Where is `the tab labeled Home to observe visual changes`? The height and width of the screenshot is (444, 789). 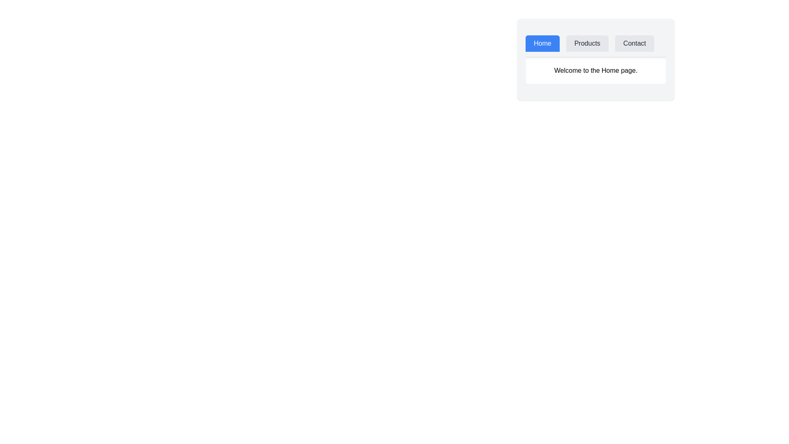 the tab labeled Home to observe visual changes is located at coordinates (542, 43).